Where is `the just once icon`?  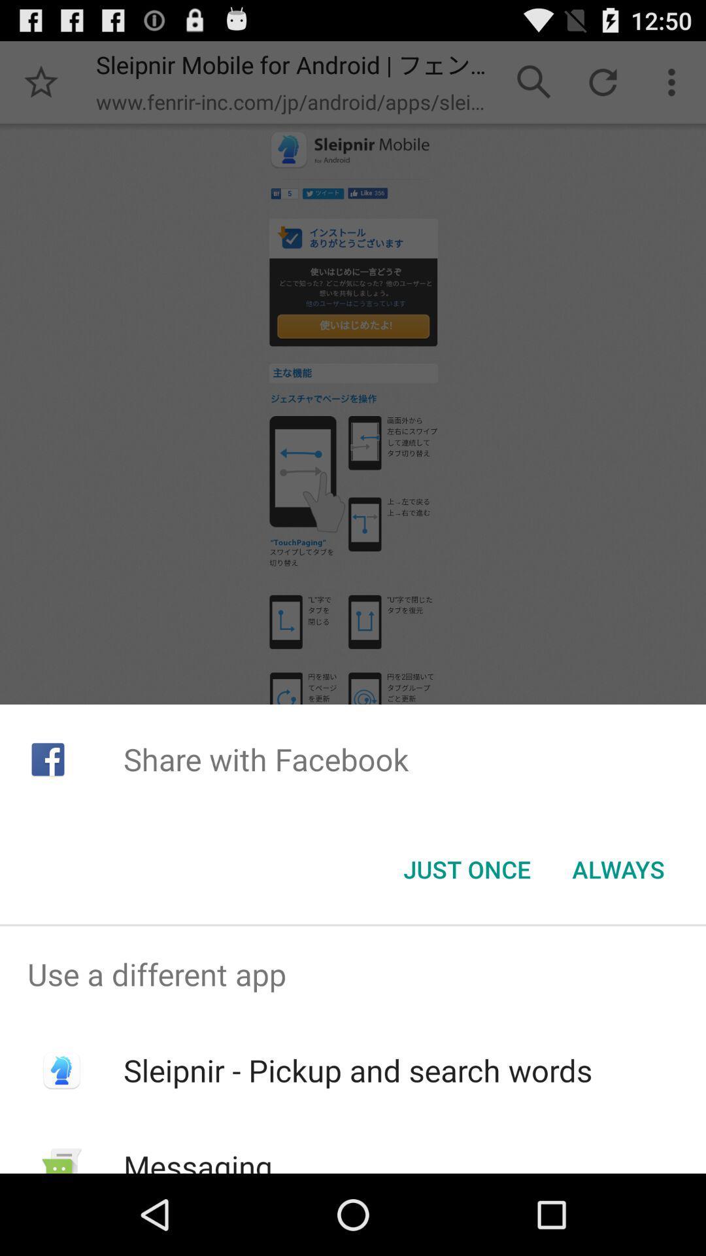
the just once icon is located at coordinates (466, 869).